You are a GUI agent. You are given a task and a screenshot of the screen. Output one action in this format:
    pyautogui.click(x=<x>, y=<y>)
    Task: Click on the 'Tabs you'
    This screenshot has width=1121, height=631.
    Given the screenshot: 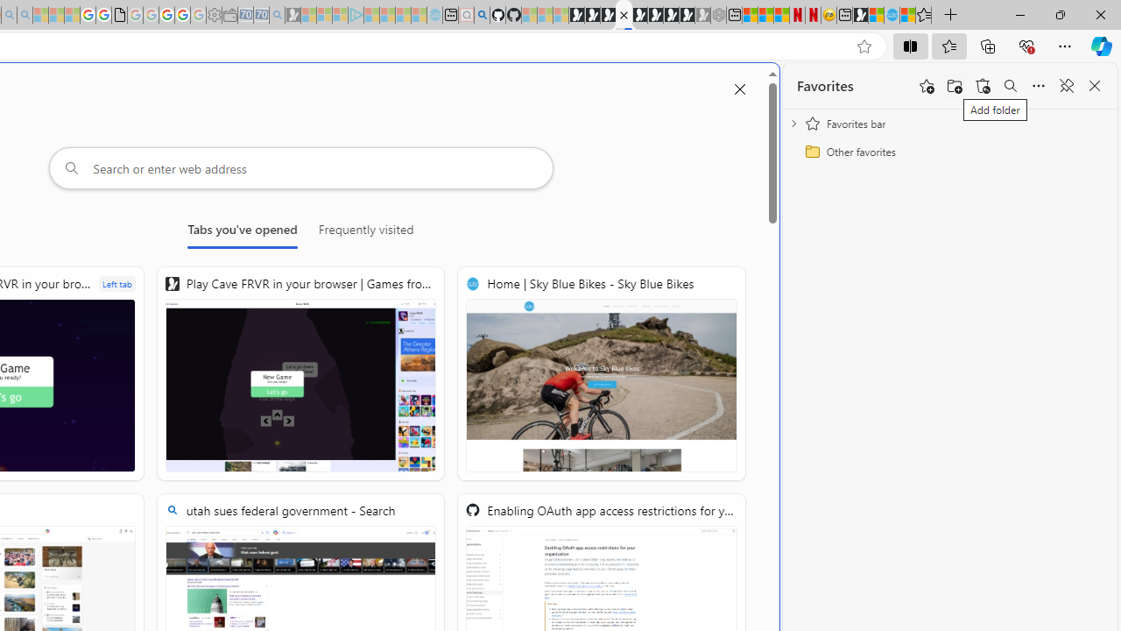 What is the action you would take?
    pyautogui.click(x=242, y=232)
    